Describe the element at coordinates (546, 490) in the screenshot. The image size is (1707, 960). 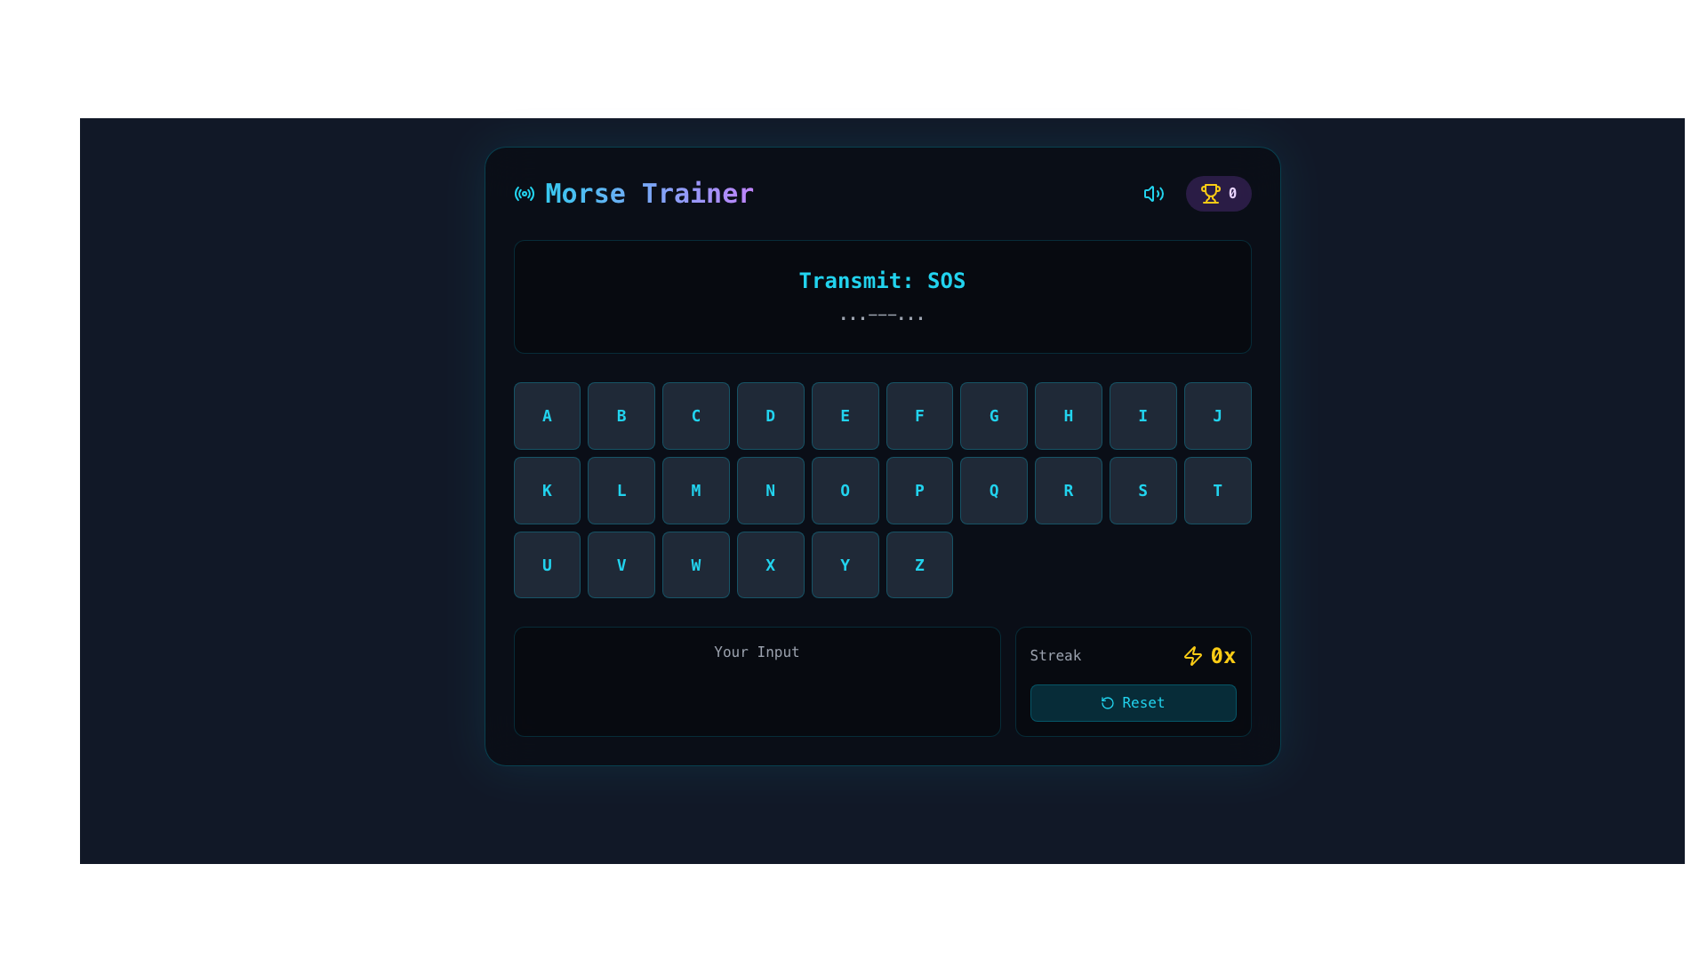
I see `the square button with a dark background and a bold cyan letter 'K', located in the second row and first column of the alphabet grid` at that location.